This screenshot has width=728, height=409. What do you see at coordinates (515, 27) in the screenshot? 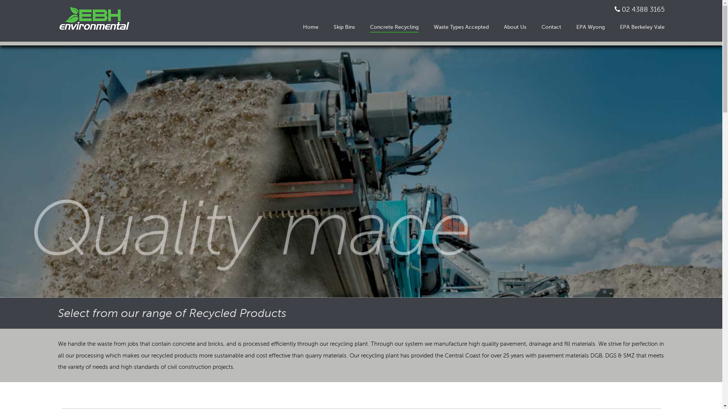
I see `'About Us'` at bounding box center [515, 27].